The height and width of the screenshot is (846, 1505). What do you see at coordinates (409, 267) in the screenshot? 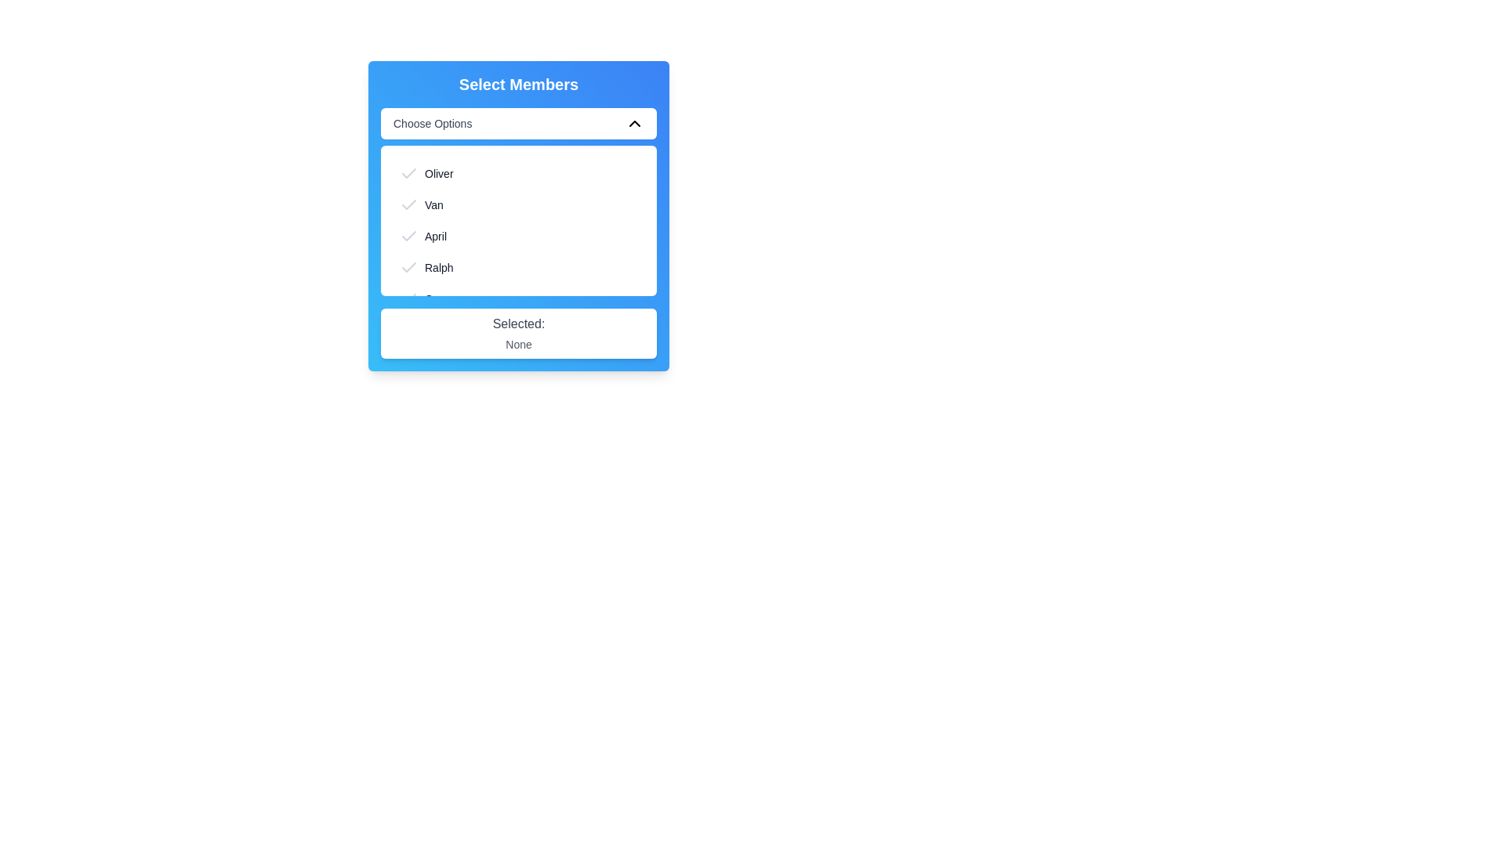
I see `the checkmark icon indicating the selection state of the item labeled 'Ralph' to trigger potential hover effects` at bounding box center [409, 267].